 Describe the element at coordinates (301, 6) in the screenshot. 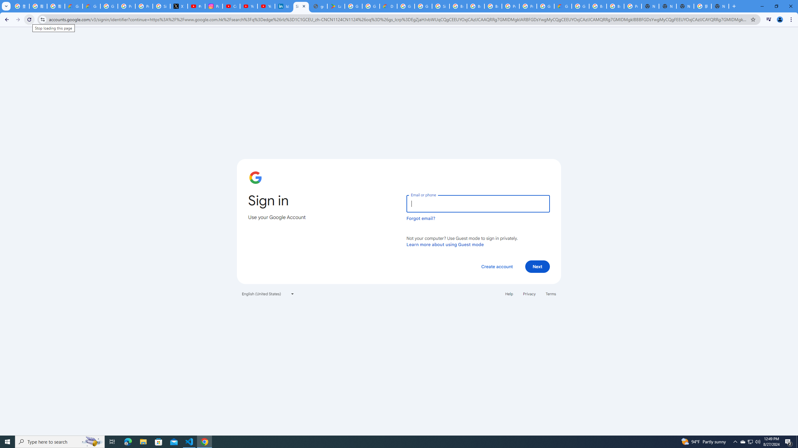

I see `'Sign in - Google Accounts'` at that location.